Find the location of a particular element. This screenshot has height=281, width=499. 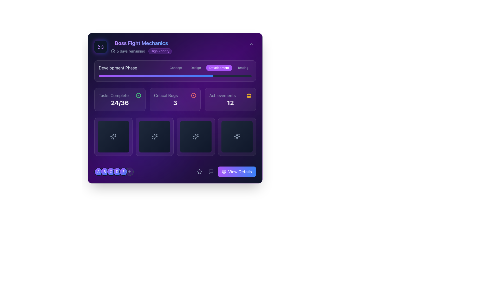

the Interactive card located in the top-left corner of the grid layout under the 'Tasks Complete' section is located at coordinates (113, 136).